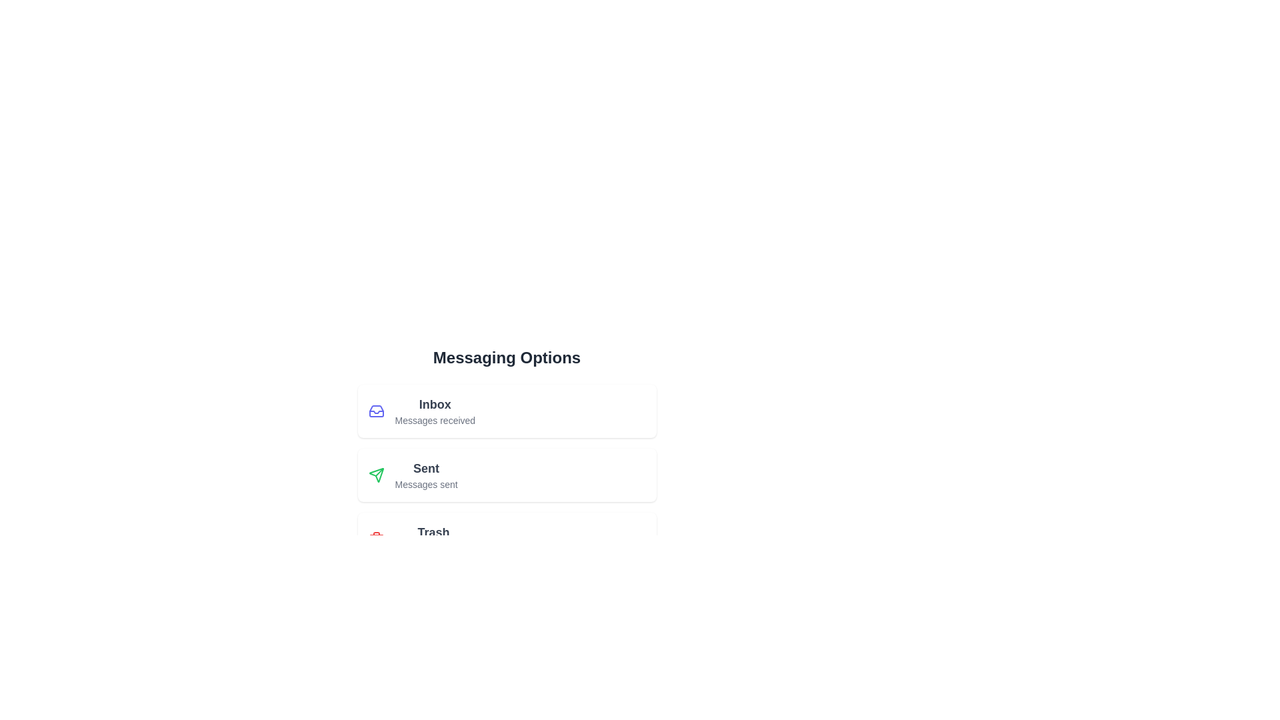 Image resolution: width=1280 pixels, height=720 pixels. I want to click on the menu item labeled Sent, so click(506, 475).